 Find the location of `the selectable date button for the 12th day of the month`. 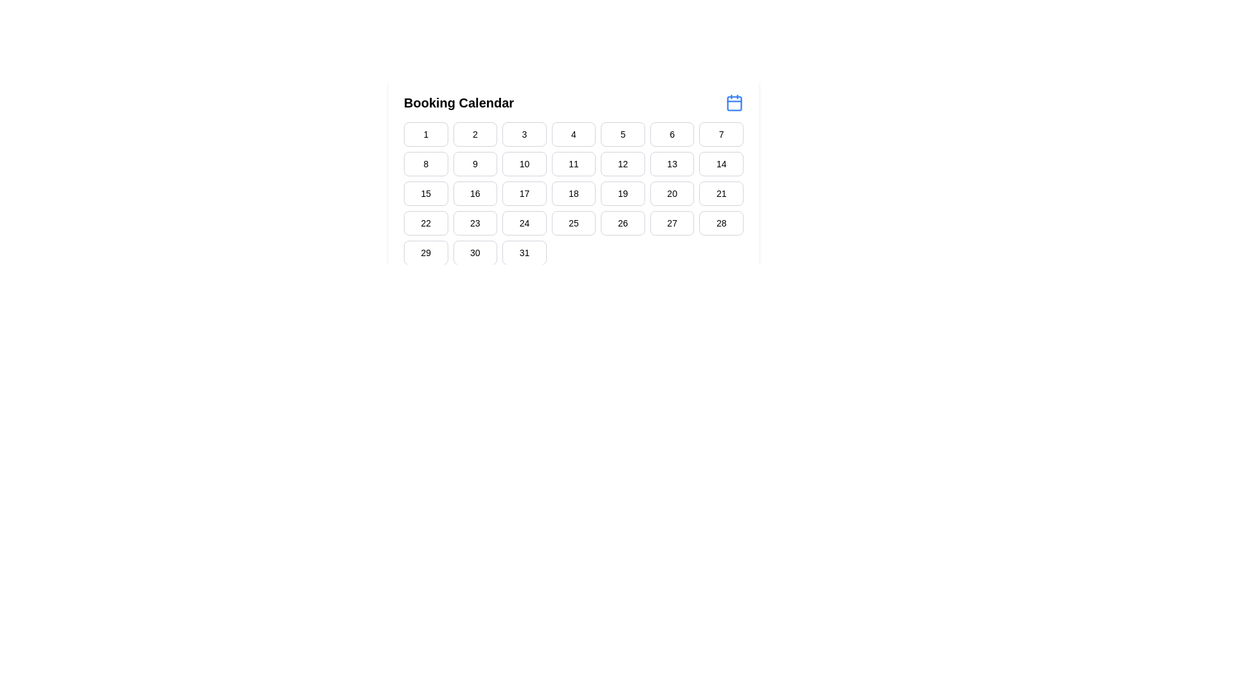

the selectable date button for the 12th day of the month is located at coordinates (623, 163).